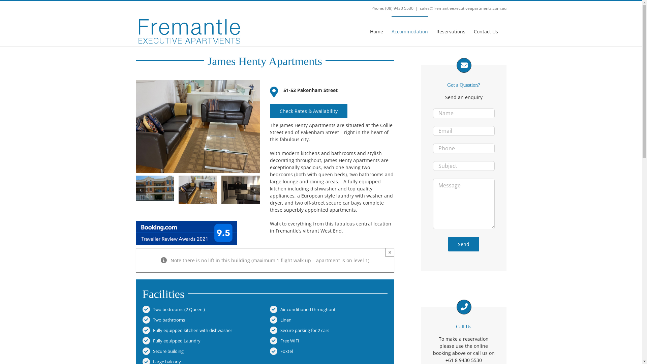  Describe the element at coordinates (486, 31) in the screenshot. I see `'Contact Us'` at that location.